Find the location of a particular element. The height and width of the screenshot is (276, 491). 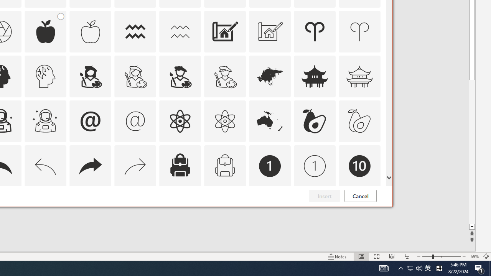

'AutomationID: Icons_Asia' is located at coordinates (270, 76).